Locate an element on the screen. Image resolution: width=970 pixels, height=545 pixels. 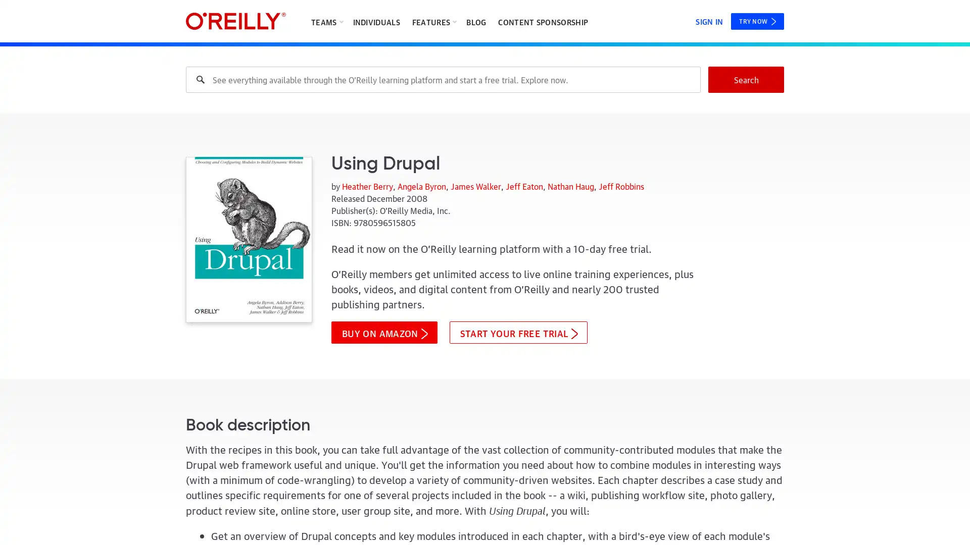
Search is located at coordinates (746, 79).